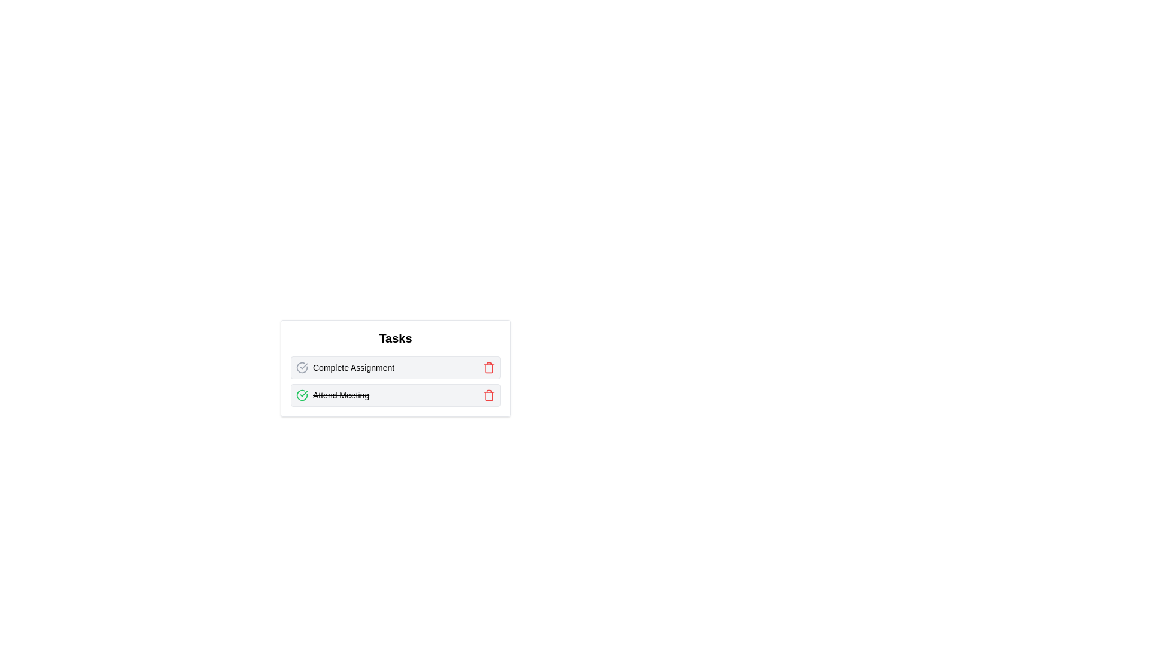 This screenshot has width=1151, height=647. Describe the element at coordinates (396, 395) in the screenshot. I see `the 'Attend Meeting' task in the task list to view or modify its details` at that location.